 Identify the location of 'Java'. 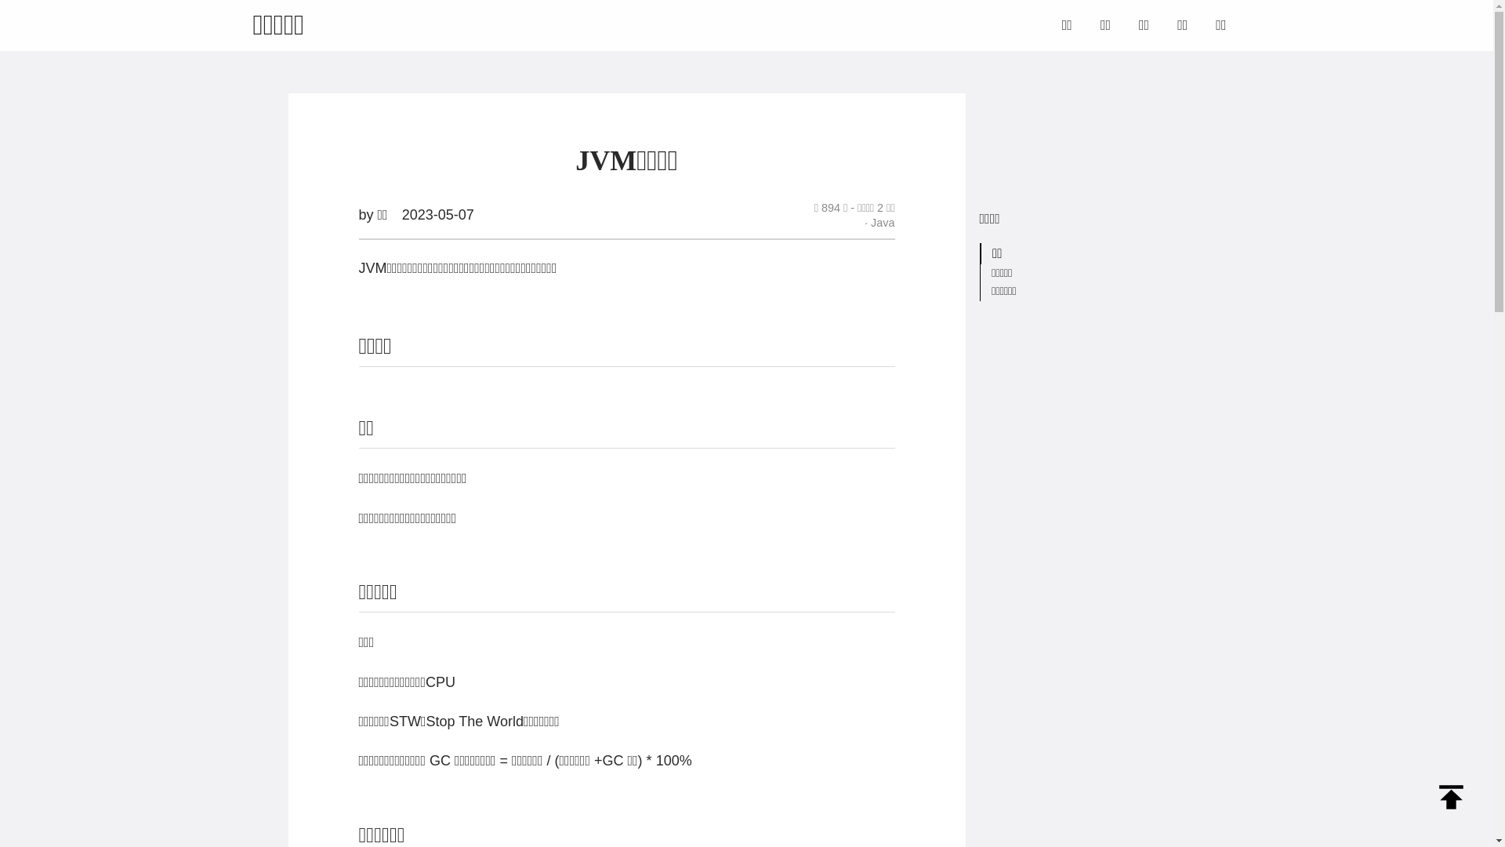
(879, 223).